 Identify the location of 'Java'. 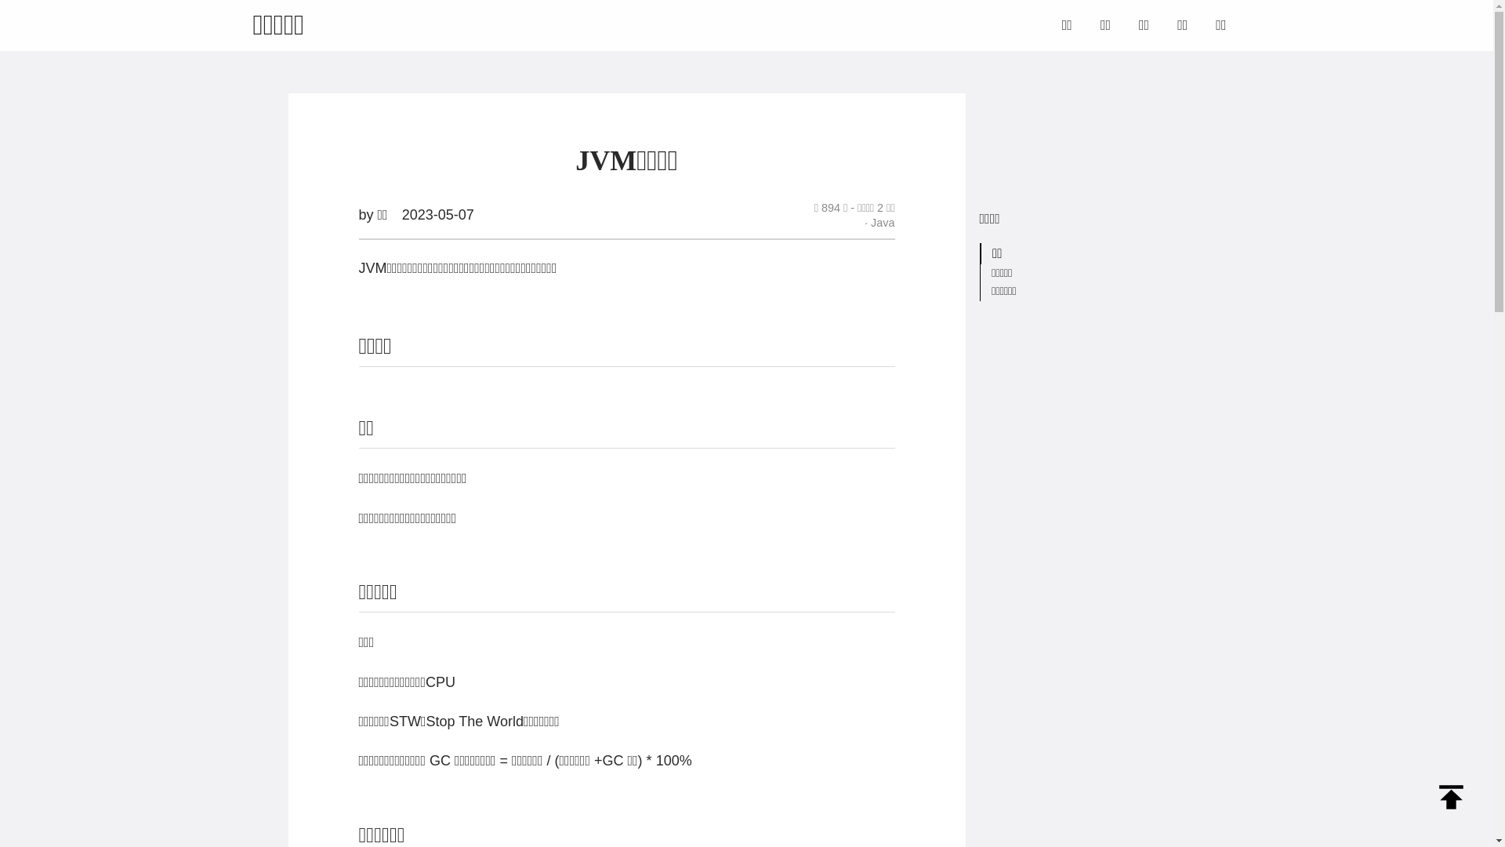
(879, 223).